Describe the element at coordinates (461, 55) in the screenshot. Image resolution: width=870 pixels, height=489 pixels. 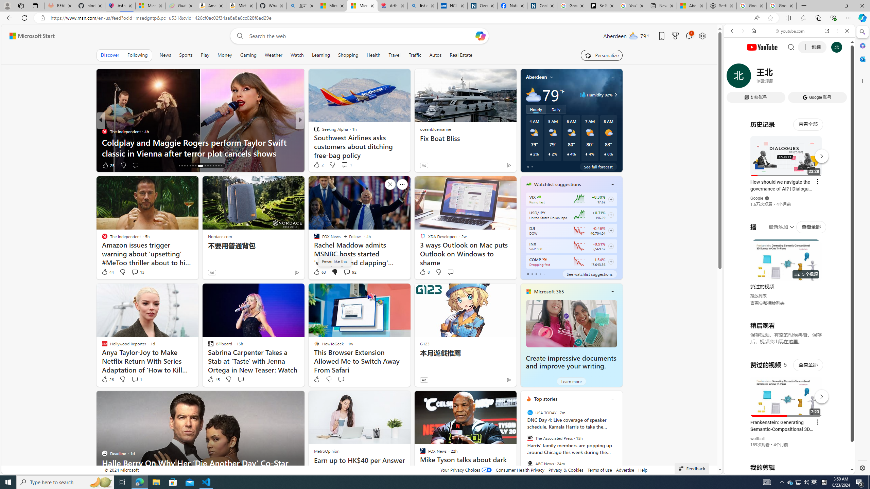
I see `'Real Estate'` at that location.